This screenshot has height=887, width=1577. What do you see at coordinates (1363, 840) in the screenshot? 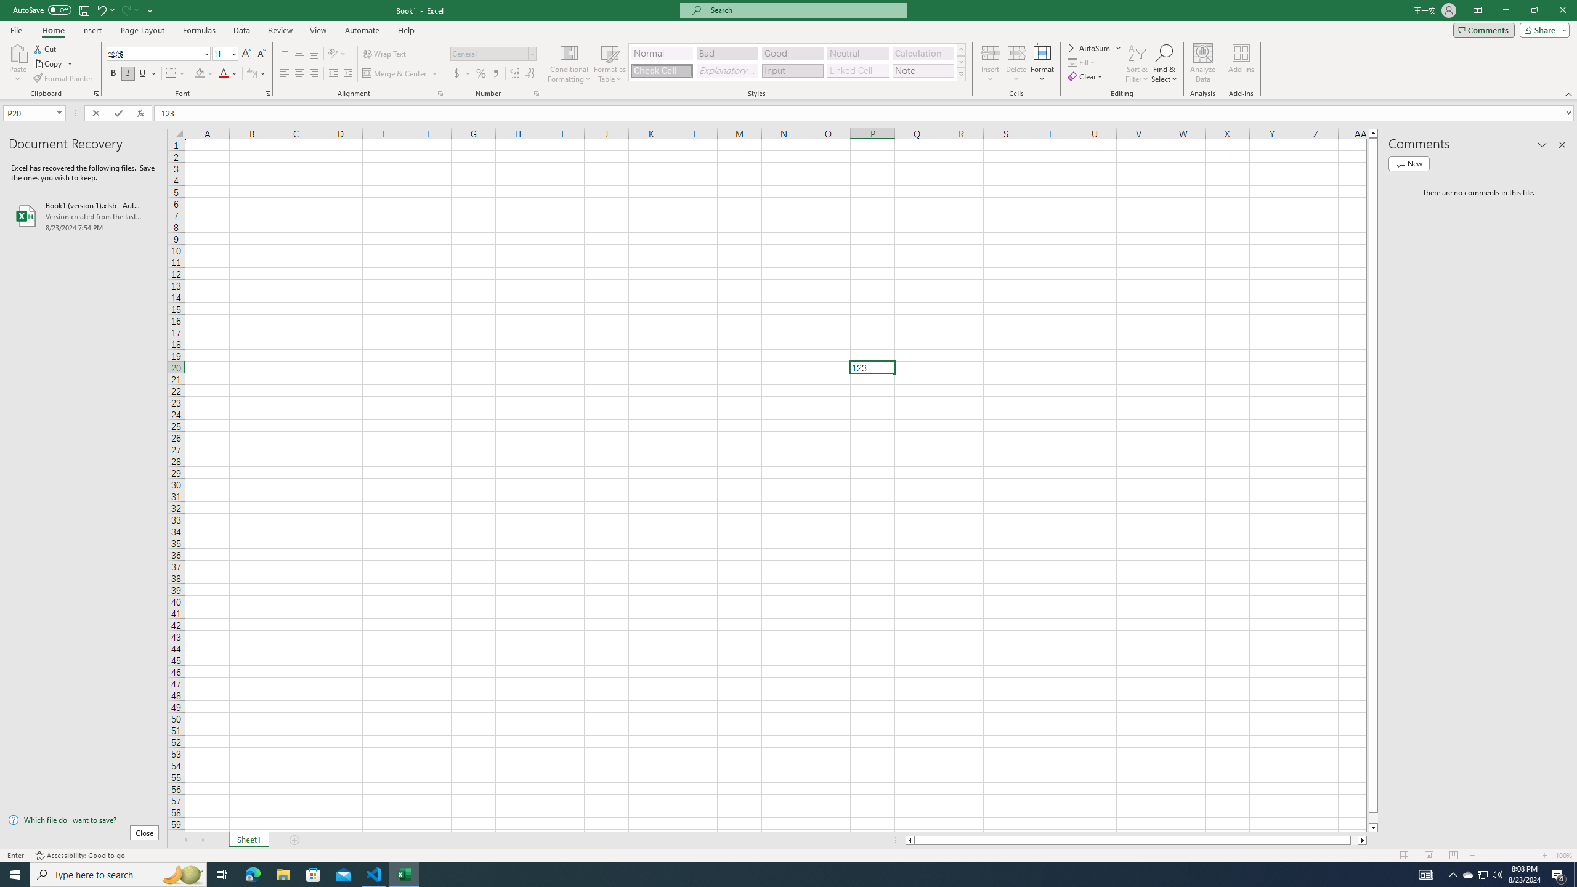
I see `'Column right'` at bounding box center [1363, 840].